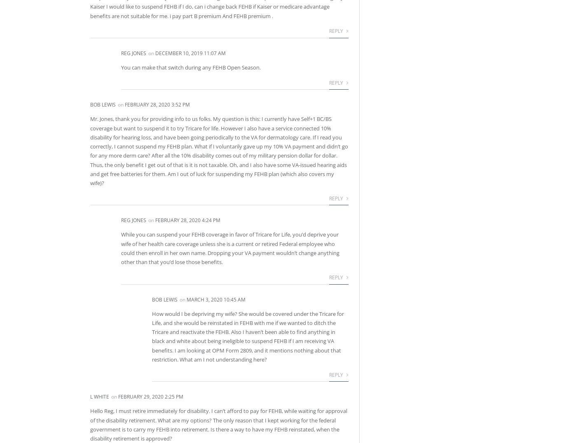 The width and height of the screenshot is (573, 443). Describe the element at coordinates (99, 397) in the screenshot. I see `'L White'` at that location.